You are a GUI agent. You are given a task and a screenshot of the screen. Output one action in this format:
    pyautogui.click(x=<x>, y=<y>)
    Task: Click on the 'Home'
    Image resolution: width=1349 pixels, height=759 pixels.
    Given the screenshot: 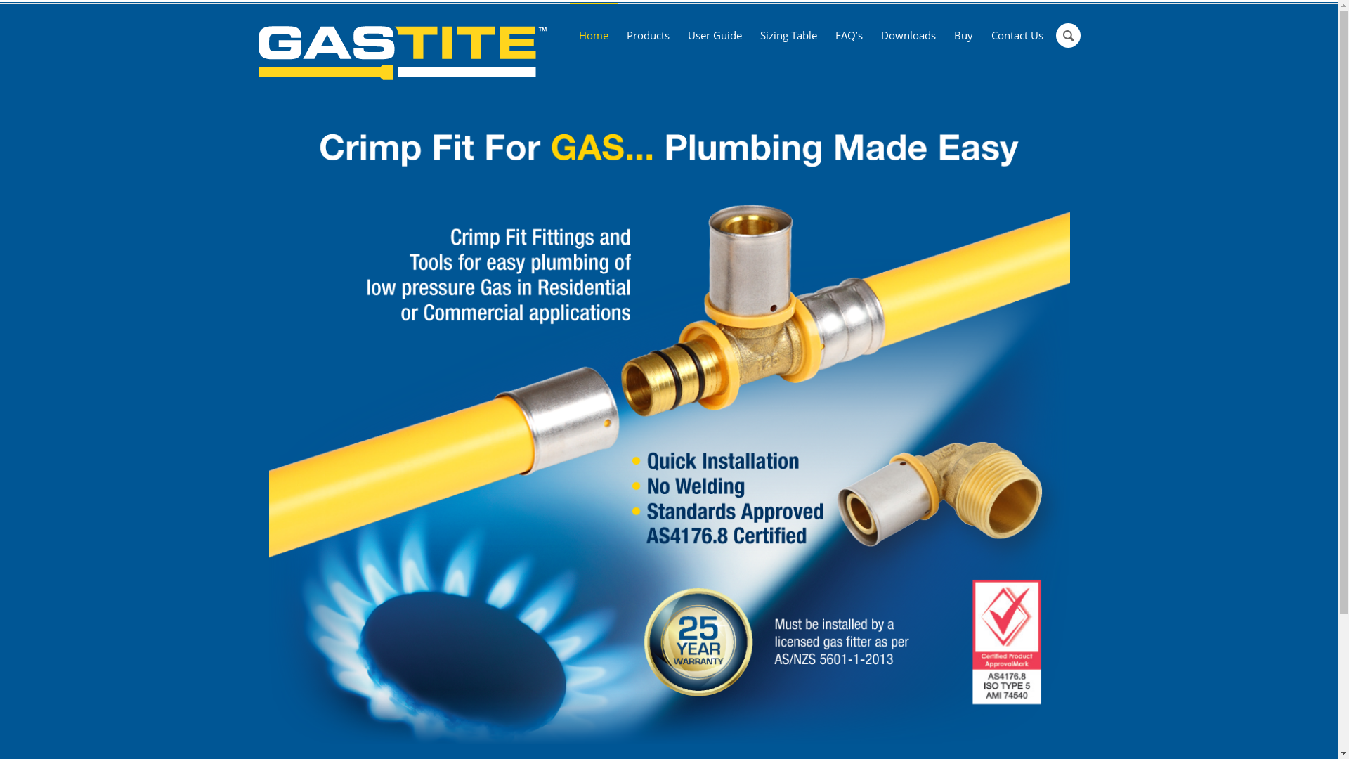 What is the action you would take?
    pyautogui.click(x=593, y=32)
    